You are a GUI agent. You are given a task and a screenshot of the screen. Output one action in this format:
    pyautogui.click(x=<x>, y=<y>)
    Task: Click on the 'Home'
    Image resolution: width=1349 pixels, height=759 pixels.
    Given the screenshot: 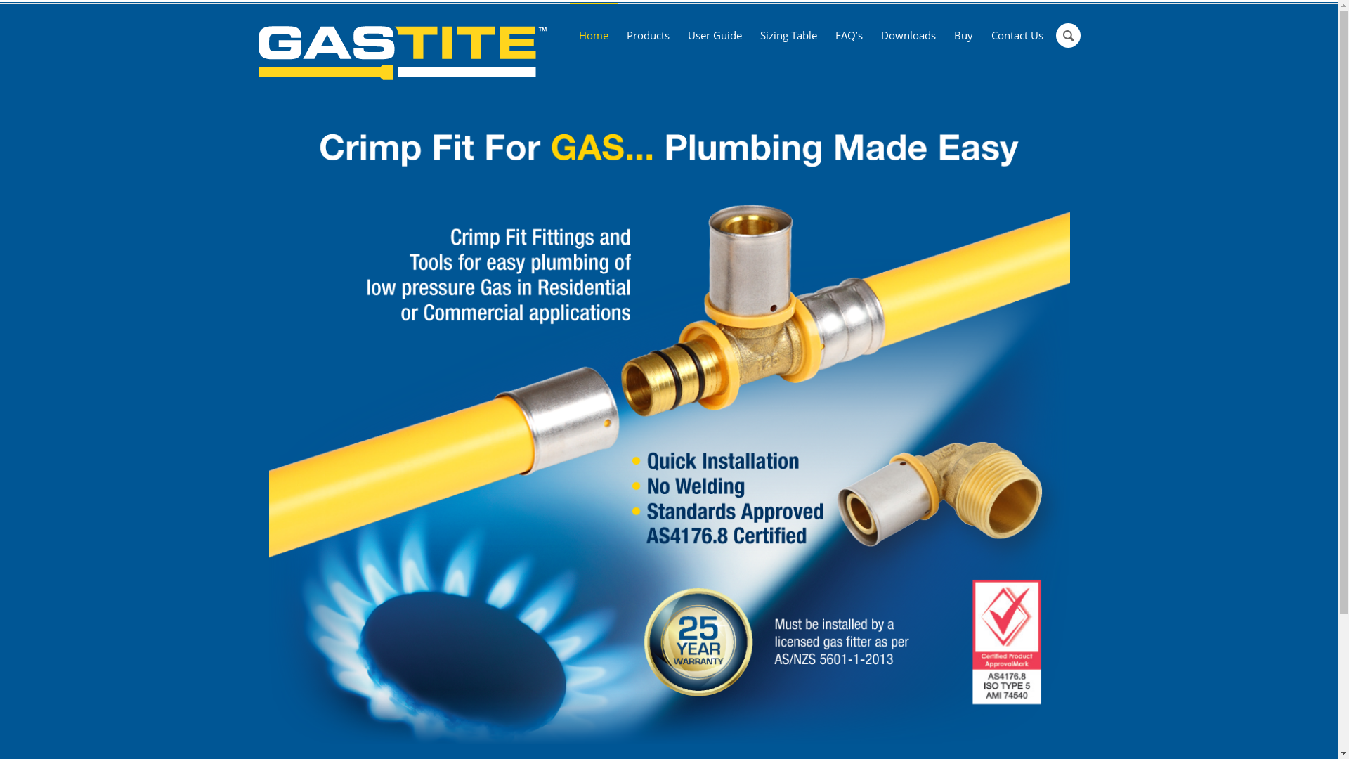 What is the action you would take?
    pyautogui.click(x=593, y=32)
    